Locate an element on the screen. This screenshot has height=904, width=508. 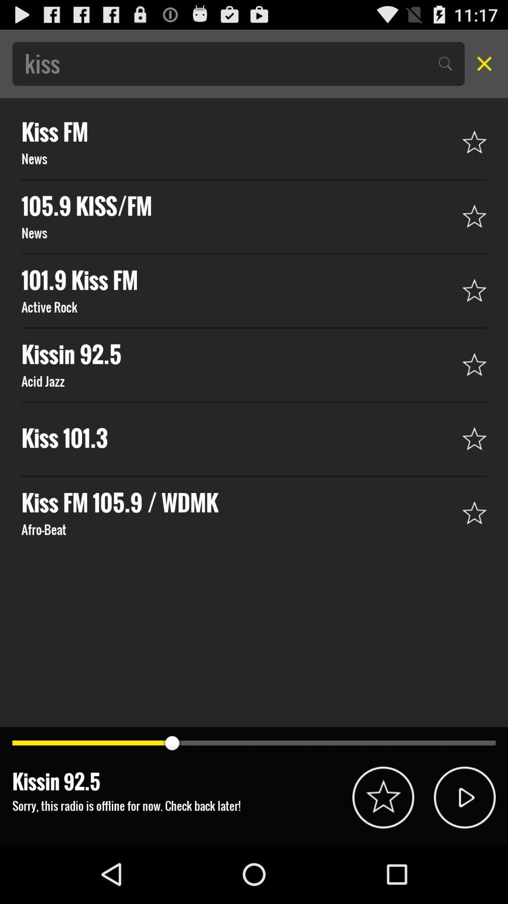
the close icon is located at coordinates (481, 67).